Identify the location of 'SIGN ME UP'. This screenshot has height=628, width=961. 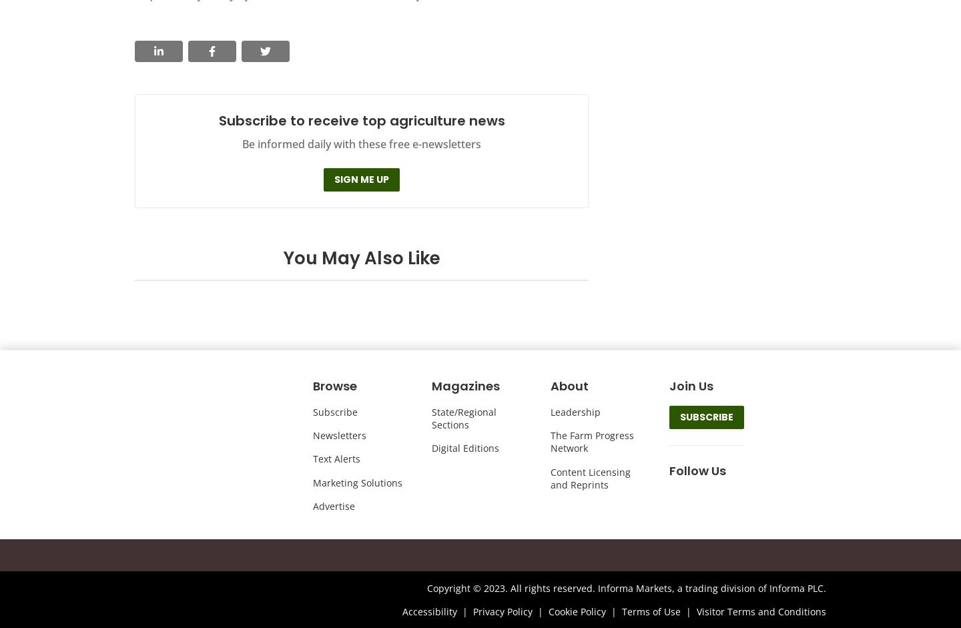
(362, 178).